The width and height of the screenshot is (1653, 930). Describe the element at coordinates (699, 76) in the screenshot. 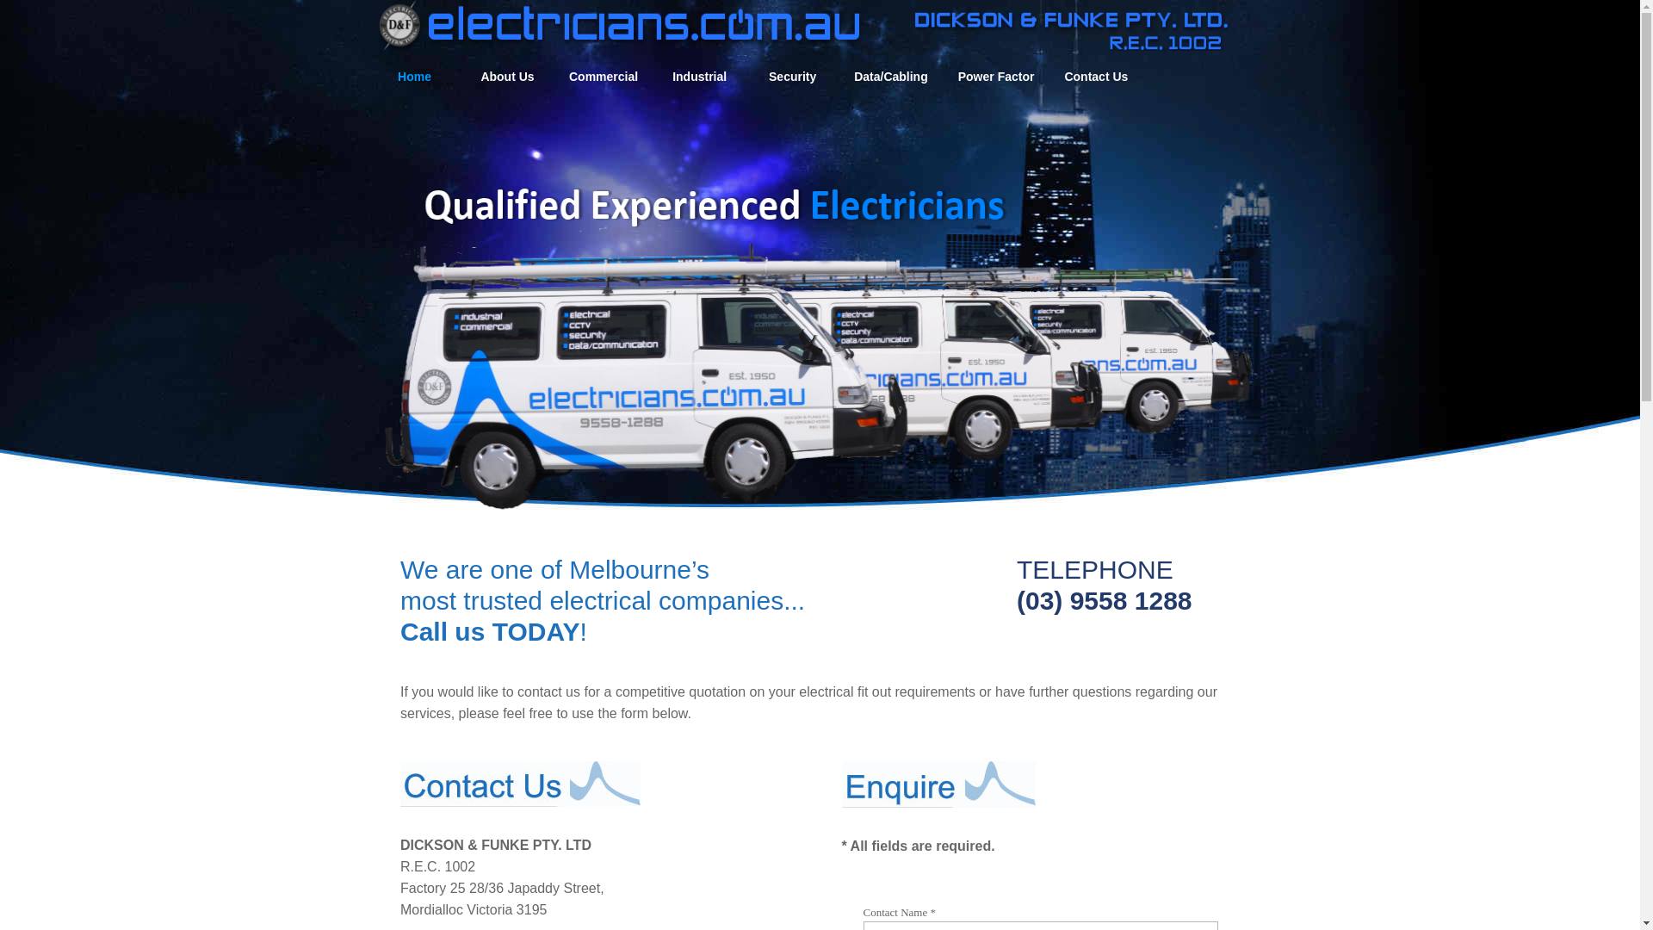

I see `'Industrial'` at that location.